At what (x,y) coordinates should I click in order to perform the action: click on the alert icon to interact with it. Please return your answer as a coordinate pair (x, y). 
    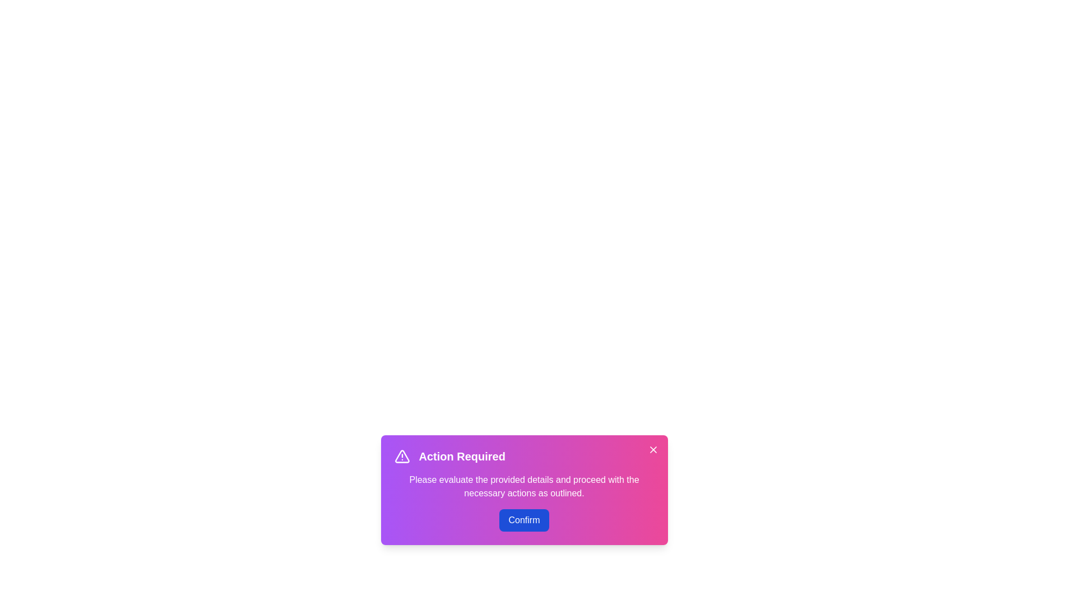
    Looking at the image, I should click on (402, 456).